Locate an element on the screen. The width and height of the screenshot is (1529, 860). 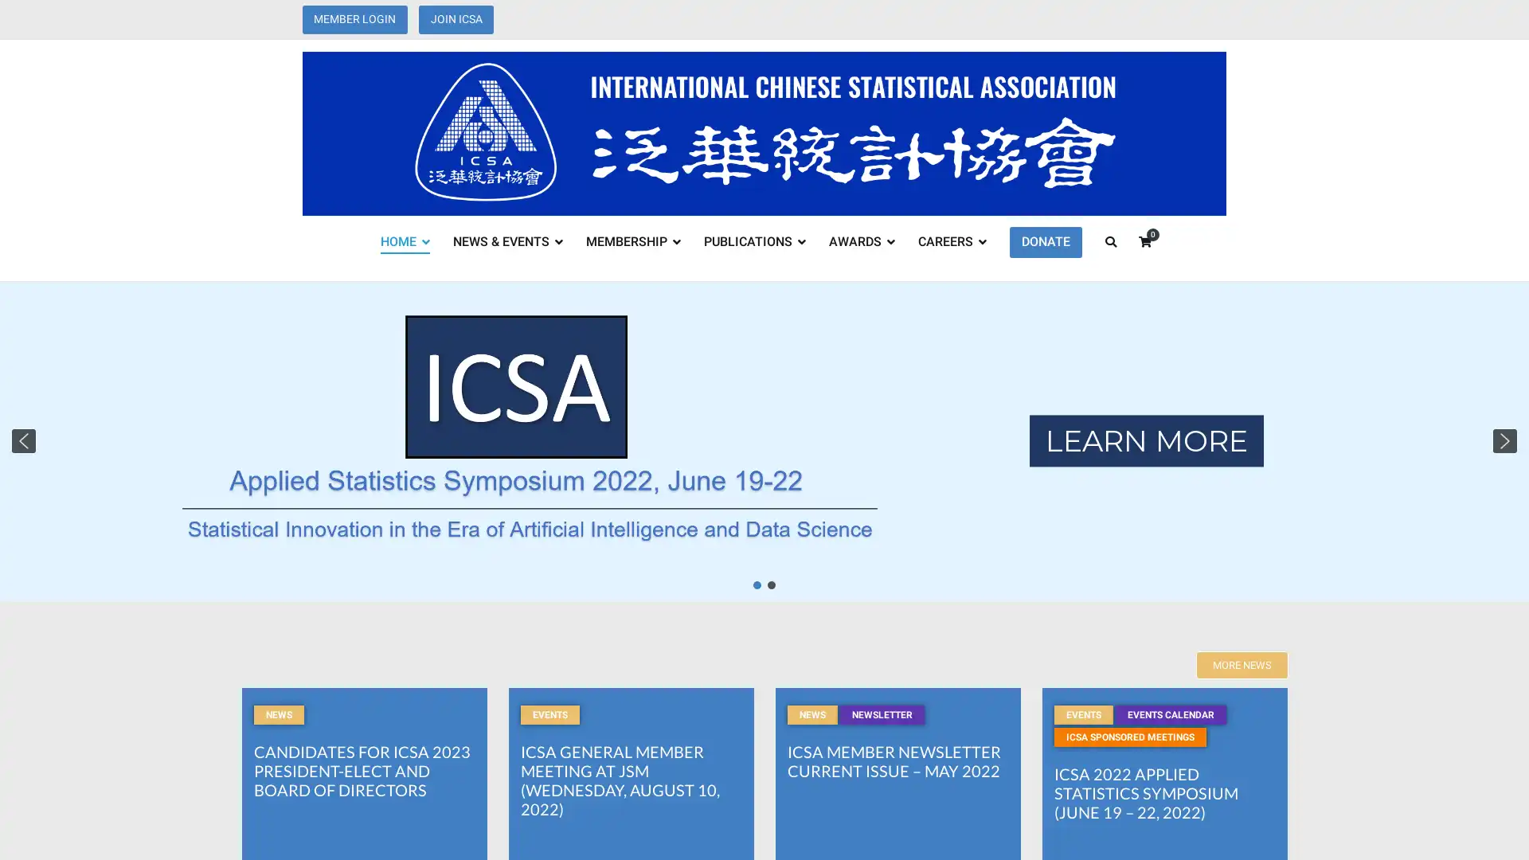
MEMBER LOGIN is located at coordinates (354, 19).